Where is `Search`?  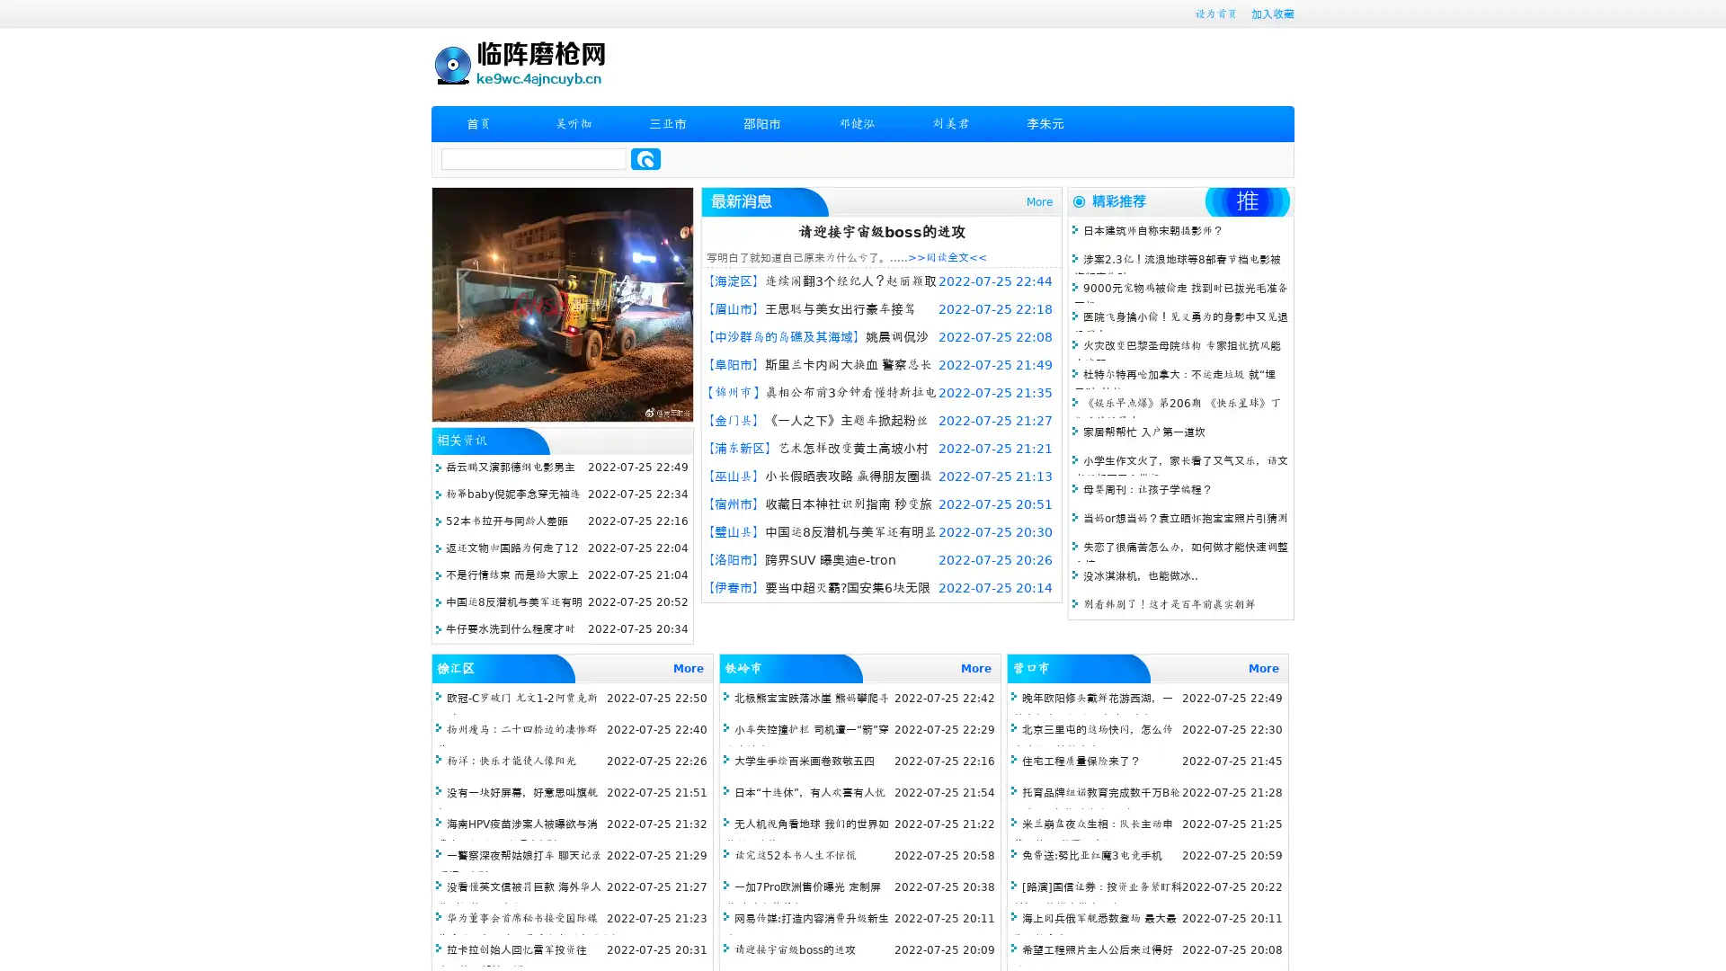
Search is located at coordinates (645, 158).